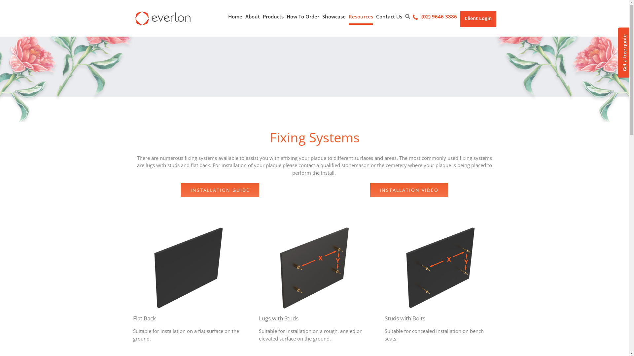  I want to click on '(02) 9646 3886', so click(435, 16).